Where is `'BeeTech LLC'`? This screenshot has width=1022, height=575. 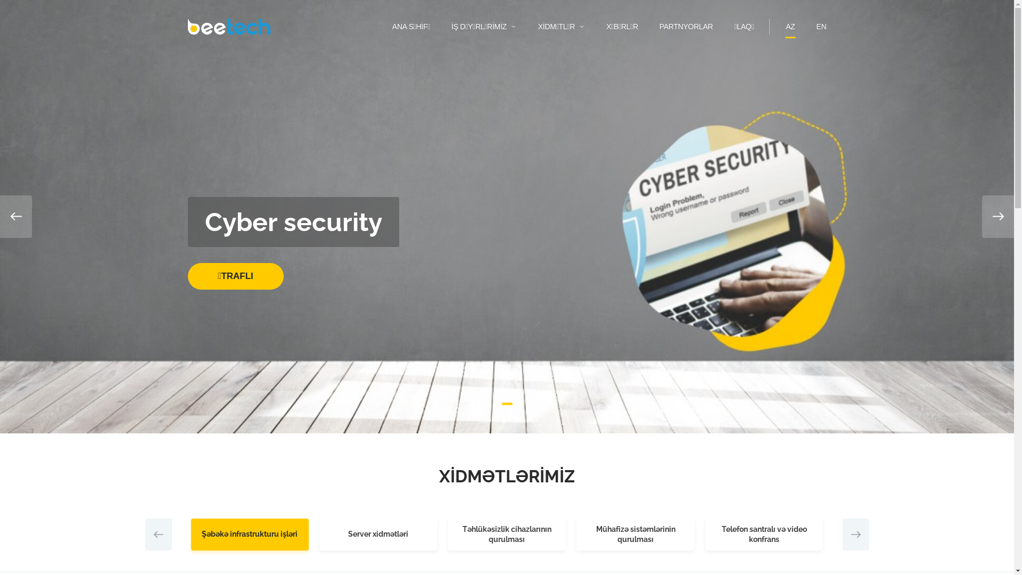 'BeeTech LLC' is located at coordinates (228, 26).